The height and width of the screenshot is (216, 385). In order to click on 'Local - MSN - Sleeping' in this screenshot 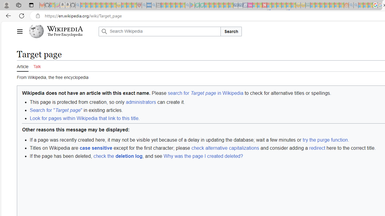, I will do `click(134, 5)`.